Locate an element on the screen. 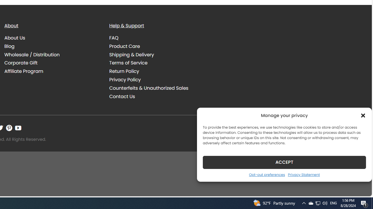  'Privacy Policy' is located at coordinates (157, 80).